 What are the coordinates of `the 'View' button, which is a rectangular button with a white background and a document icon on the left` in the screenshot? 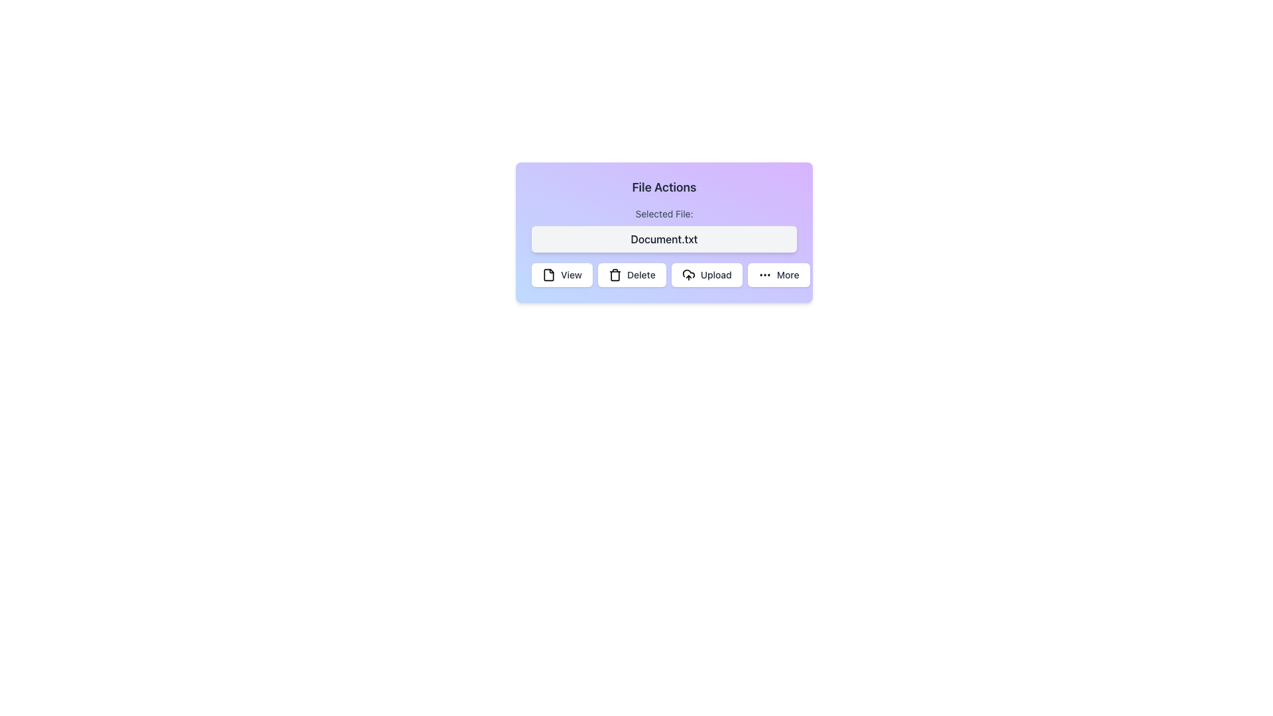 It's located at (562, 274).